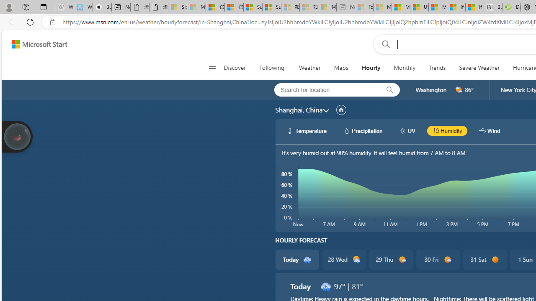  Describe the element at coordinates (101, 7) in the screenshot. I see `'Buy iPad - Apple'` at that location.